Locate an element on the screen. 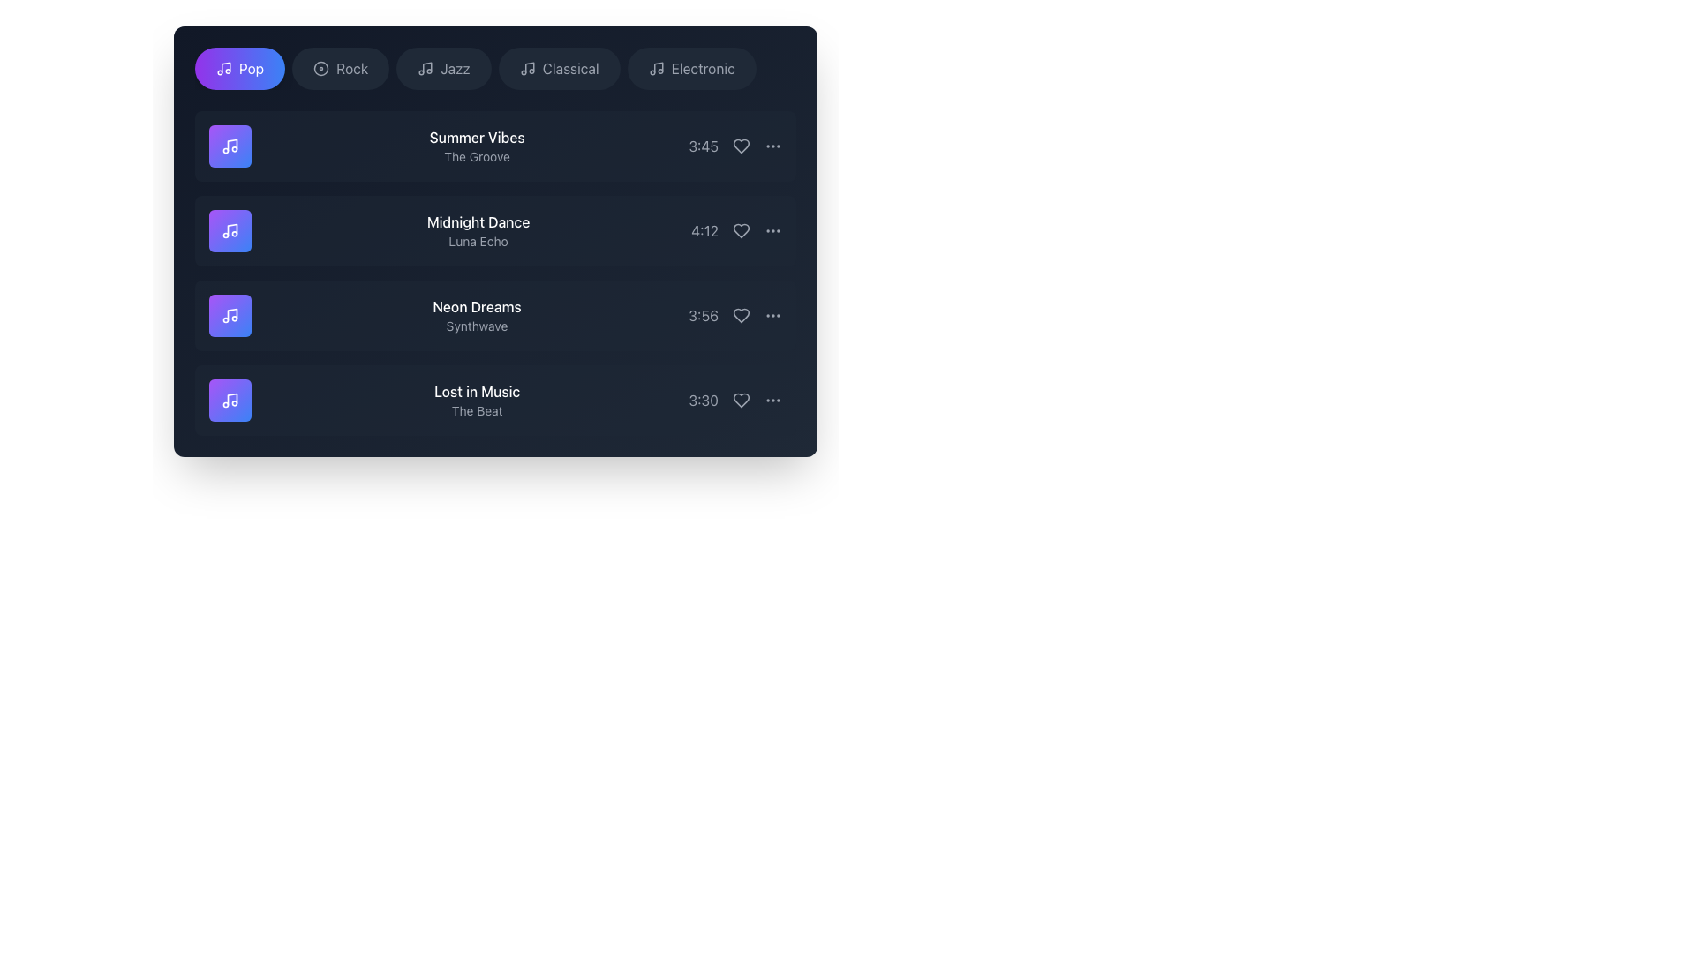 This screenshot has height=953, width=1695. the static label displaying '3:30' in light gray color, located in the bottom row of the list and aligned to the right of the row content is located at coordinates (703, 401).